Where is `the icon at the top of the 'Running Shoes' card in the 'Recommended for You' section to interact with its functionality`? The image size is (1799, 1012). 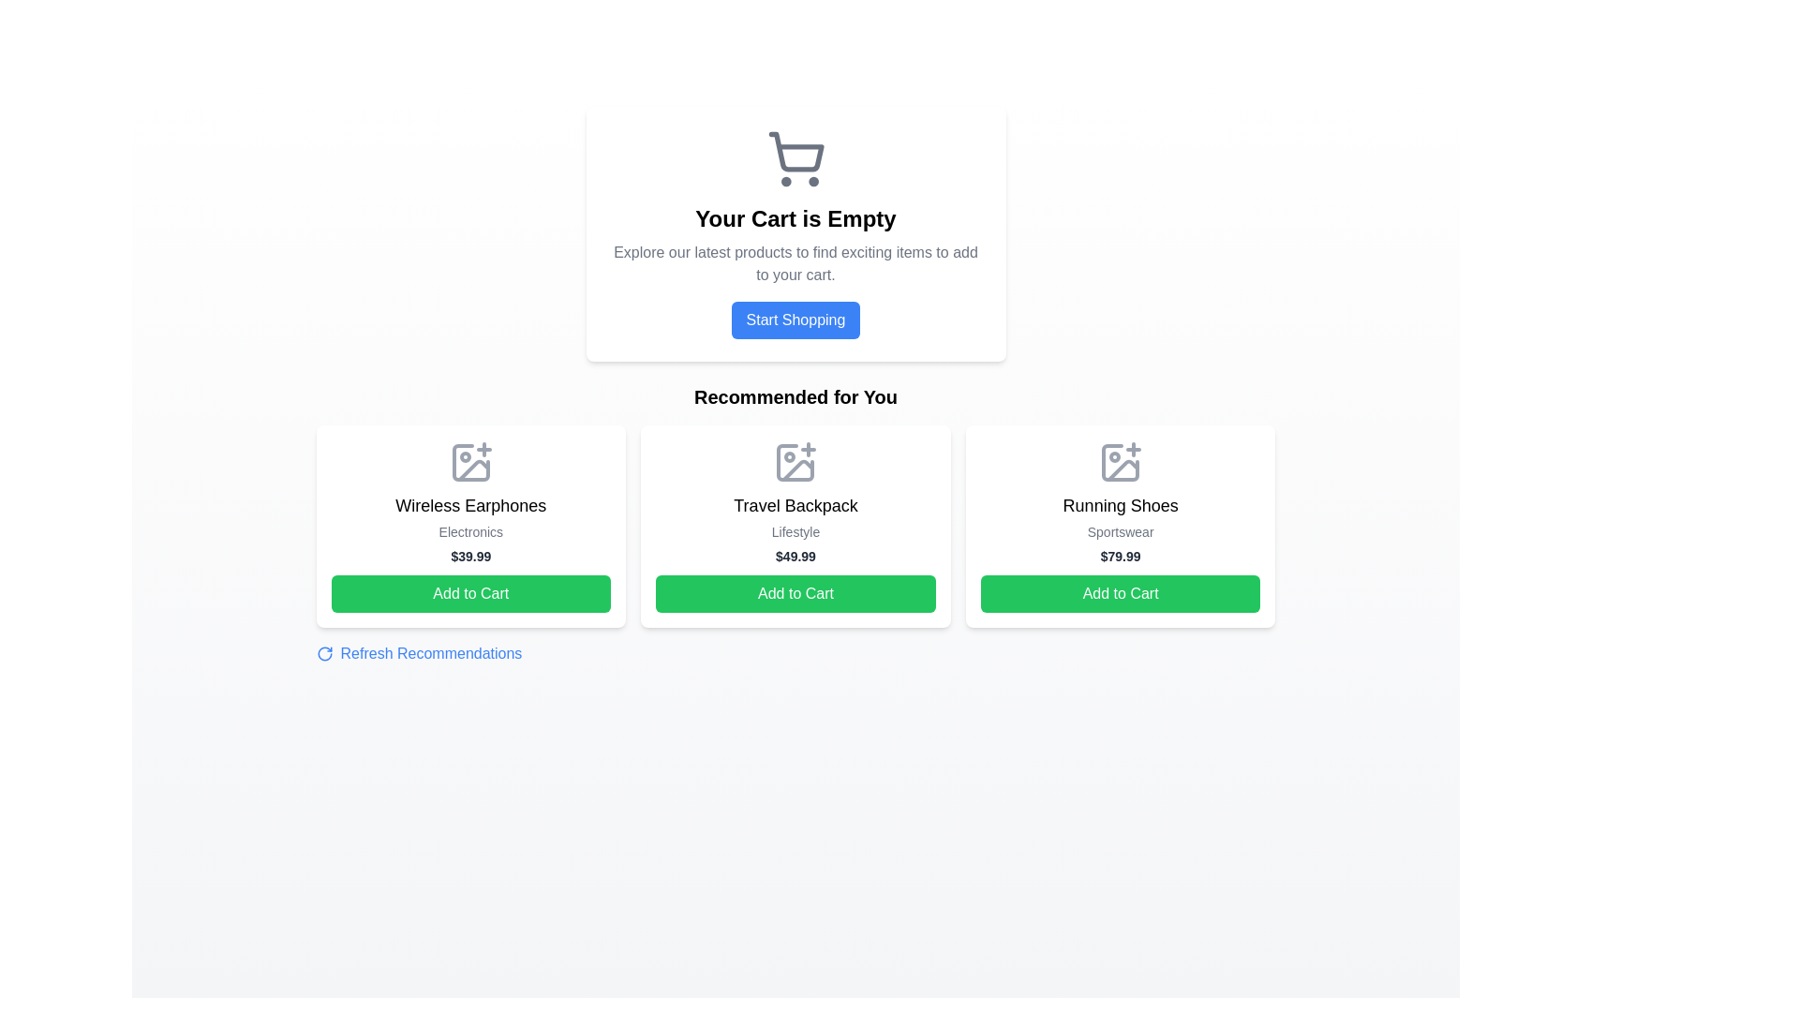 the icon at the top of the 'Running Shoes' card in the 'Recommended for You' section to interact with its functionality is located at coordinates (1121, 462).